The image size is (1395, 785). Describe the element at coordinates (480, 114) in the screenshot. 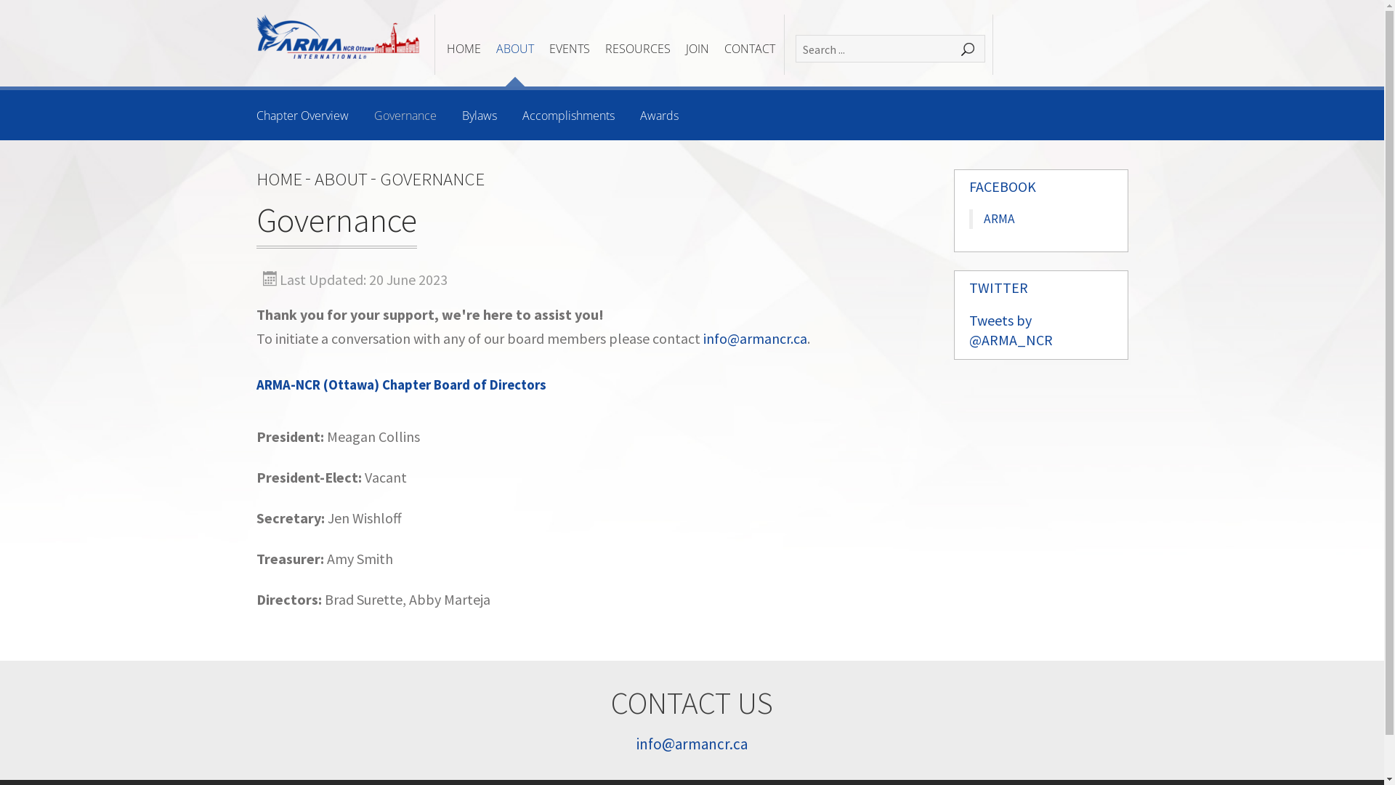

I see `'Bylaws'` at that location.